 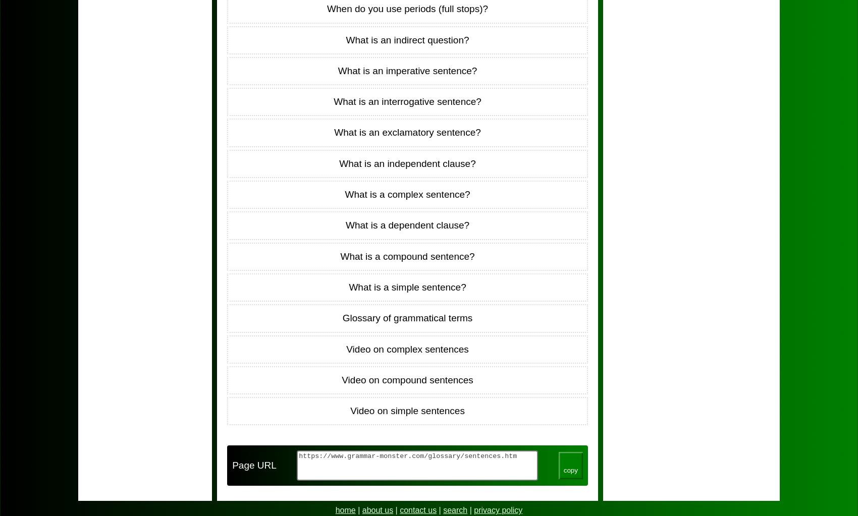 What do you see at coordinates (406, 379) in the screenshot?
I see `'Video on compound sentences'` at bounding box center [406, 379].